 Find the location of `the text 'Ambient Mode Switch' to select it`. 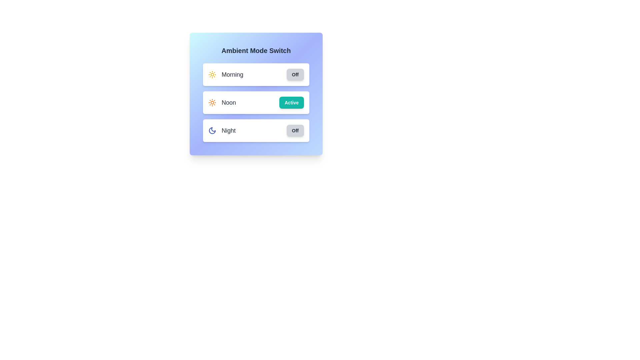

the text 'Ambient Mode Switch' to select it is located at coordinates (256, 50).